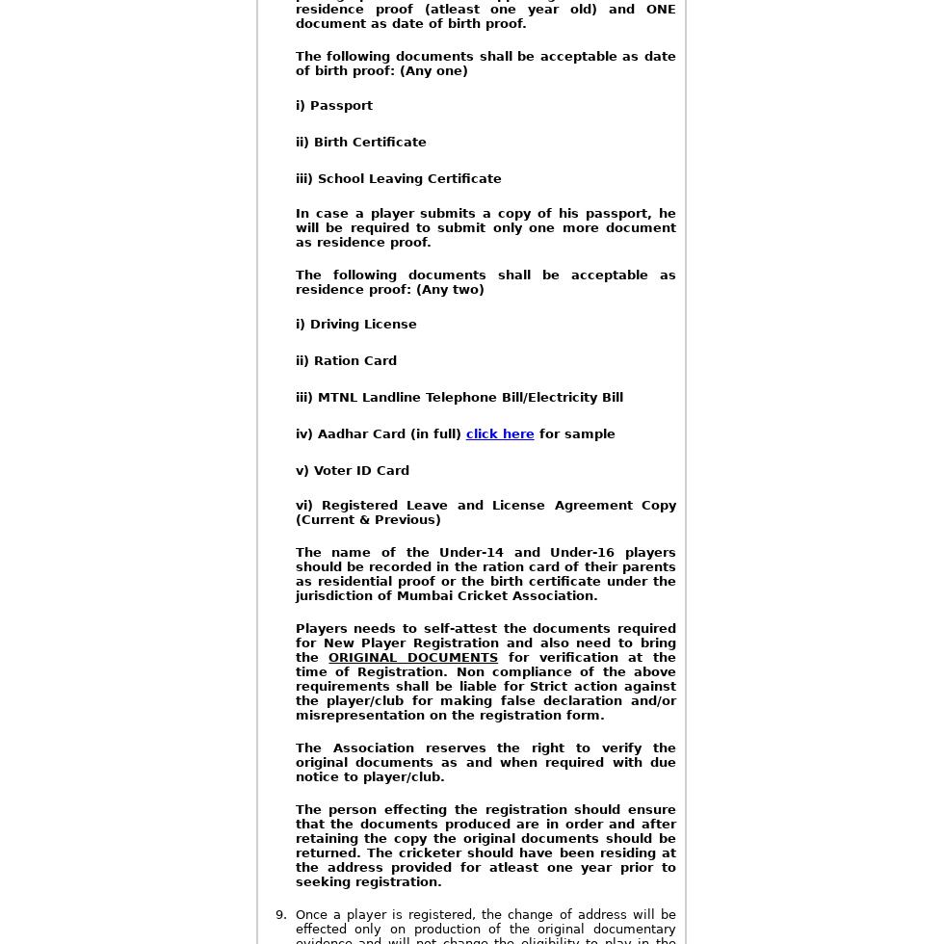 Image resolution: width=944 pixels, height=944 pixels. What do you see at coordinates (294, 282) in the screenshot?
I see `'The following documents shall be acceptable as residence proof: (Any two)'` at bounding box center [294, 282].